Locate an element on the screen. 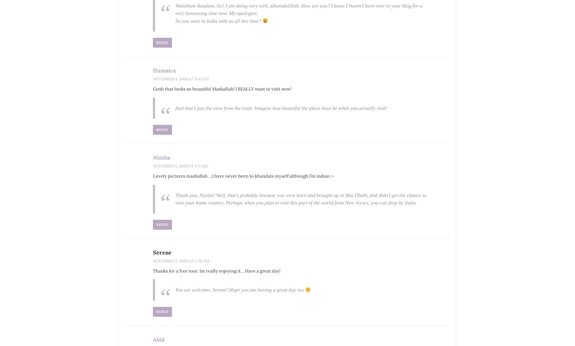 This screenshot has height=346, width=575. 'You are welcome, Serene! Hope you are having a great day too' is located at coordinates (240, 290).